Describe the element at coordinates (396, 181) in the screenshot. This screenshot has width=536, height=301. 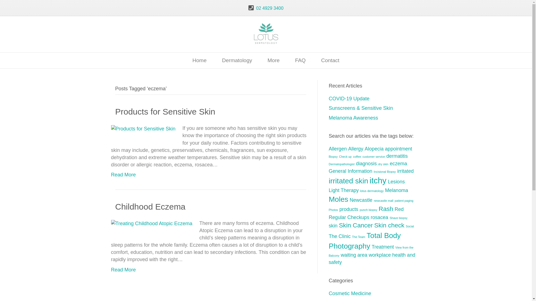
I see `'Lesions'` at that location.